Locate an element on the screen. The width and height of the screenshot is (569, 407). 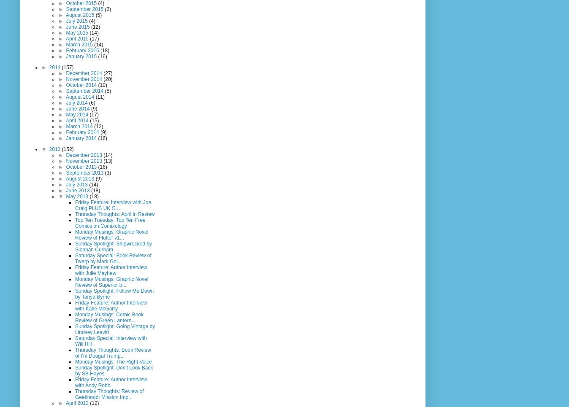
'Monday Musings: Graphic Novel Review of Flutter v1...' is located at coordinates (111, 234).